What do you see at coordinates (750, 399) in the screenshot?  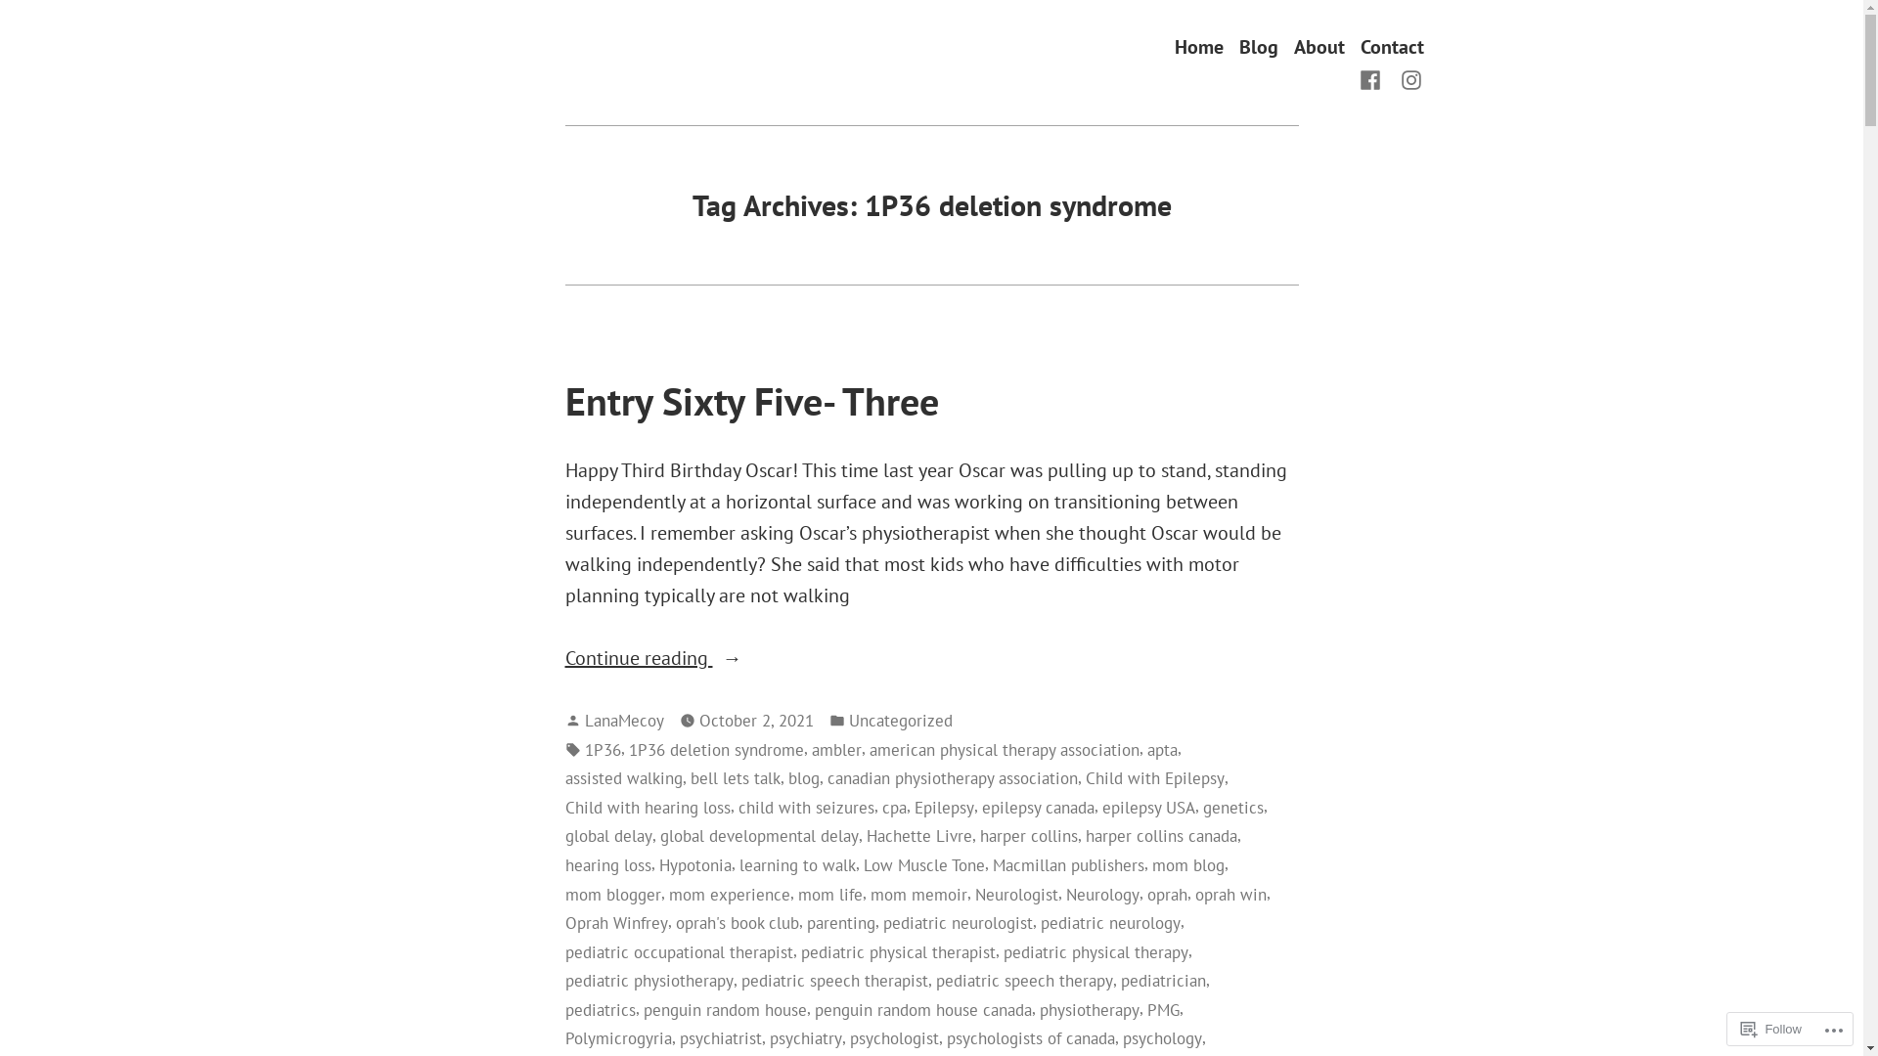 I see `'Entry Sixty Five- Three'` at bounding box center [750, 399].